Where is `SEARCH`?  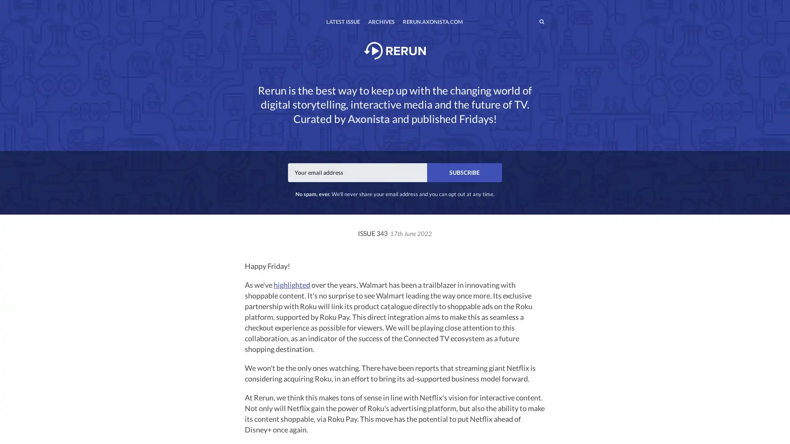 SEARCH is located at coordinates (524, 21).